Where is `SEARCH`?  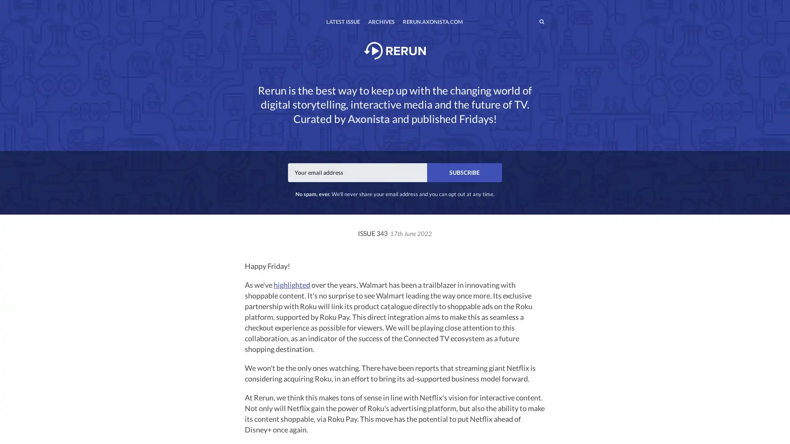 SEARCH is located at coordinates (524, 21).